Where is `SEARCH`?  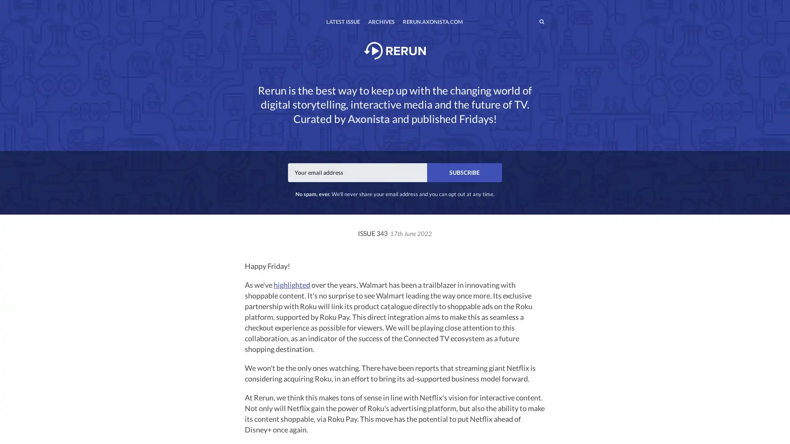 SEARCH is located at coordinates (524, 21).